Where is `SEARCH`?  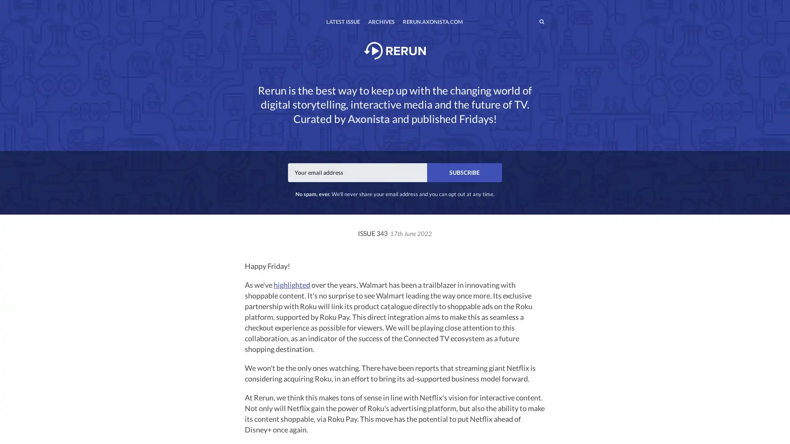 SEARCH is located at coordinates (524, 21).